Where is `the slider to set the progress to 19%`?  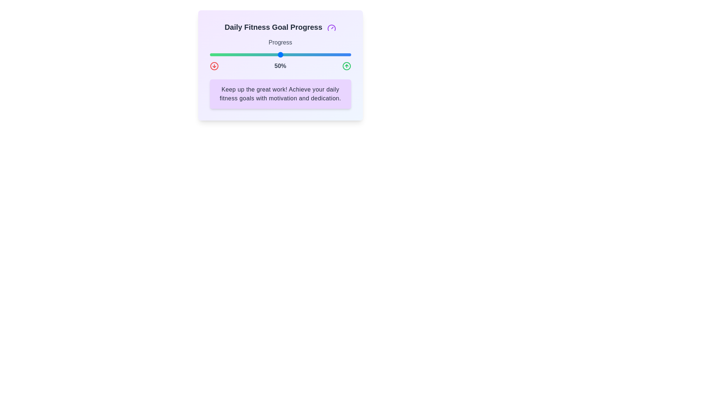 the slider to set the progress to 19% is located at coordinates (236, 54).